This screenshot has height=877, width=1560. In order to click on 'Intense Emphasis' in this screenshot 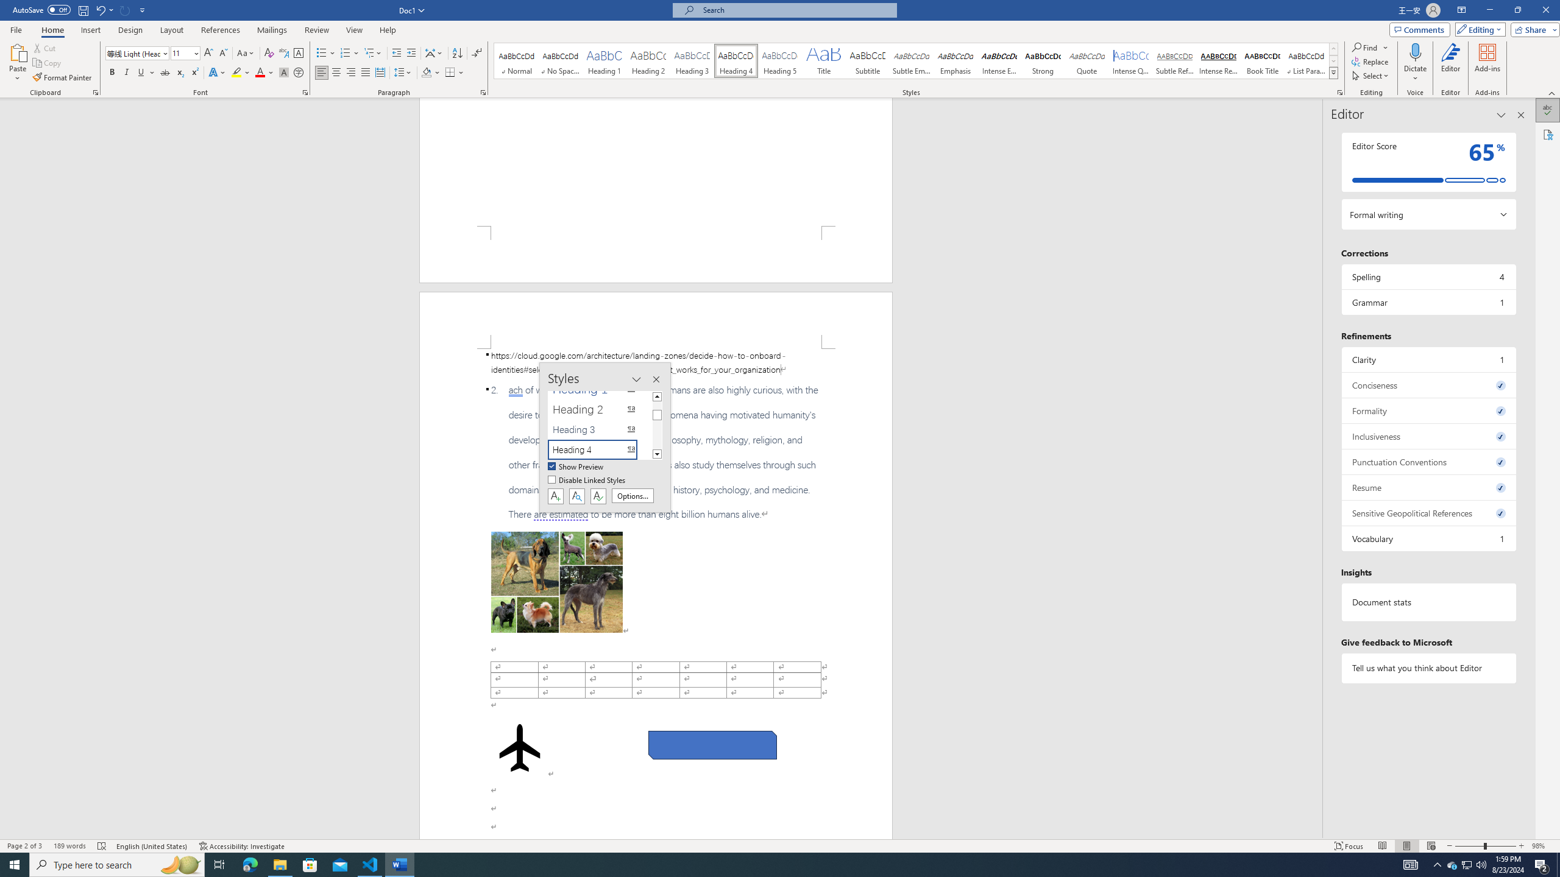, I will do `click(999, 60)`.